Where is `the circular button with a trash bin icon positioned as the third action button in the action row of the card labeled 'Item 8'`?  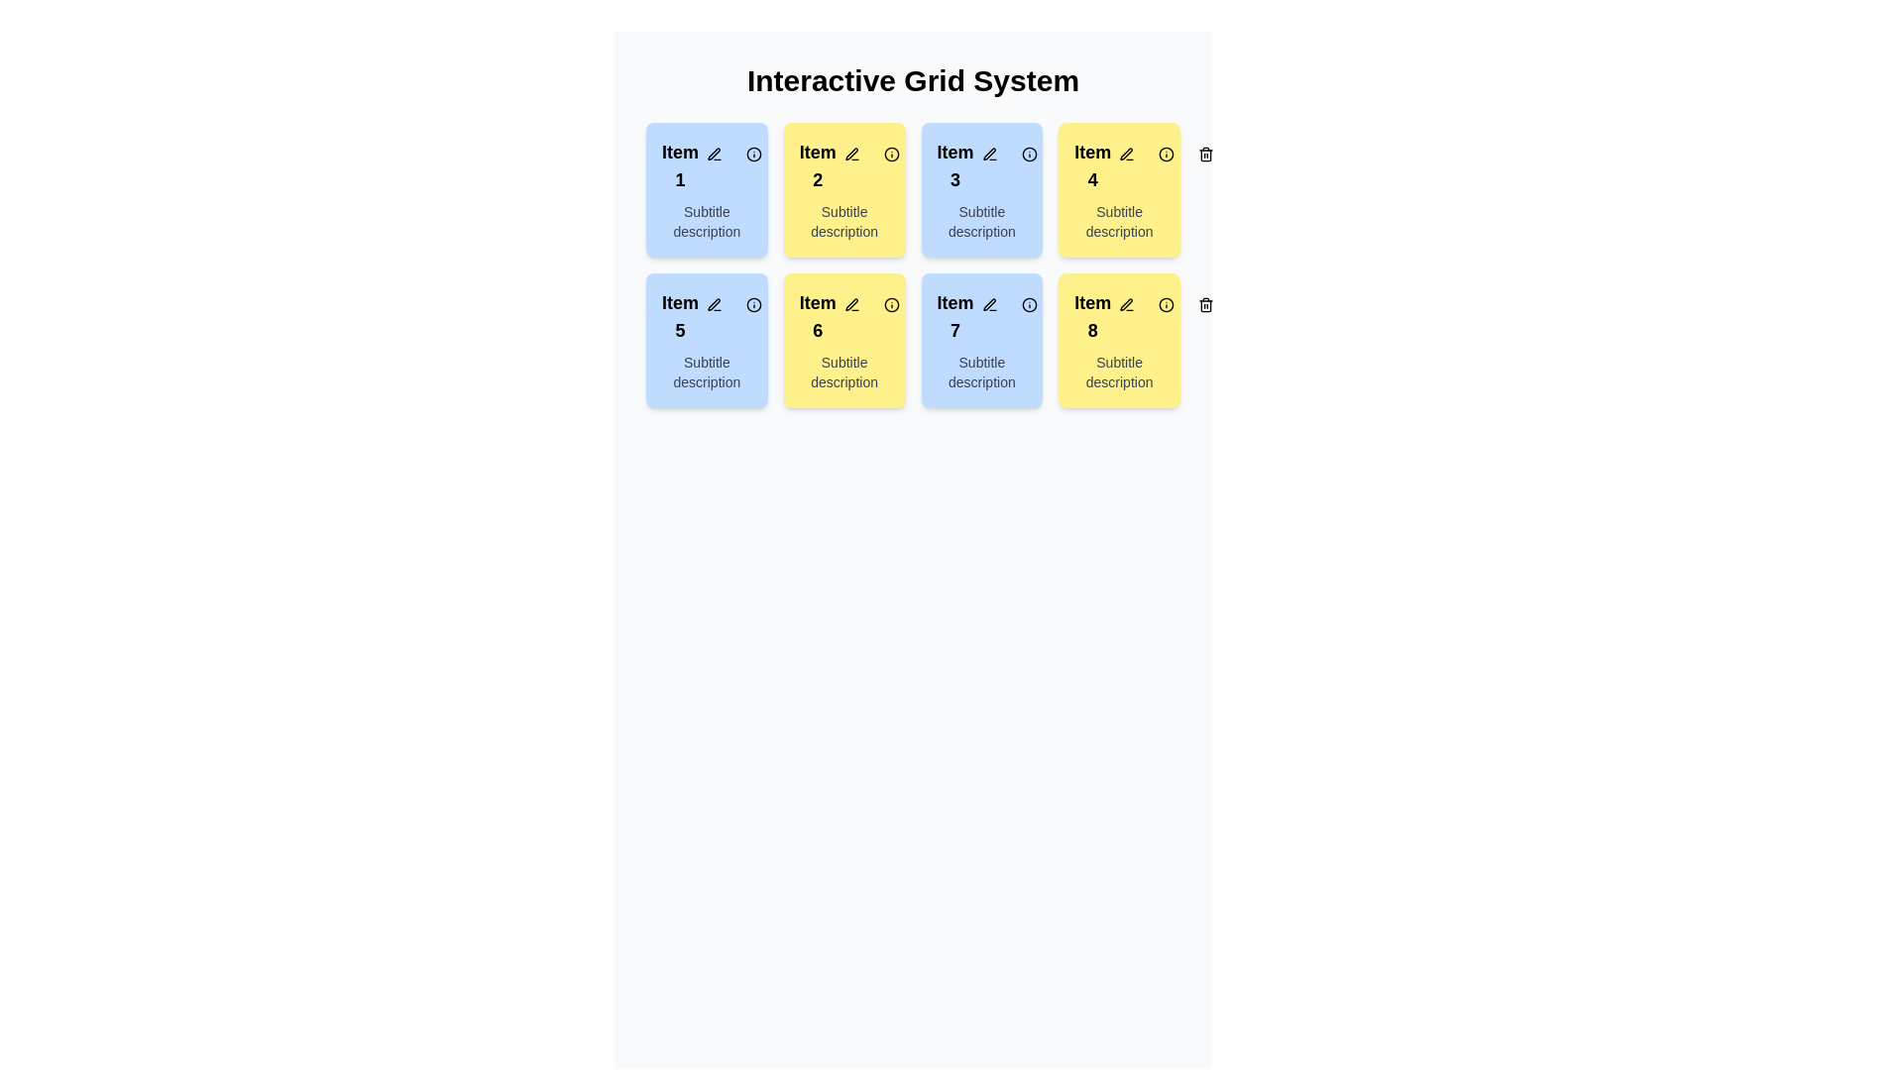 the circular button with a trash bin icon positioned as the third action button in the action row of the card labeled 'Item 8' is located at coordinates (1067, 305).